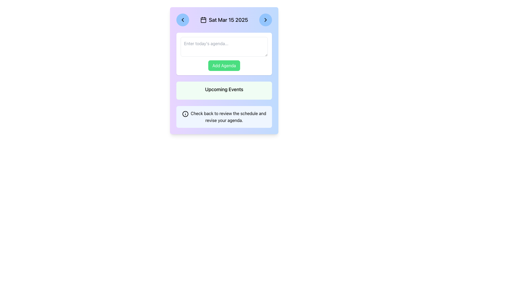 The width and height of the screenshot is (510, 287). What do you see at coordinates (224, 47) in the screenshot?
I see `the rectangular text input box with a light border and rounded corners, which contains the placeholder text 'Enter today's agenda...', to focus and begin typing` at bounding box center [224, 47].